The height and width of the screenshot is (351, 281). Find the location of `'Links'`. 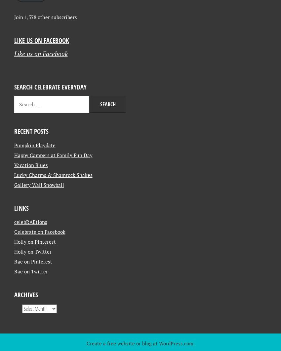

'Links' is located at coordinates (21, 264).